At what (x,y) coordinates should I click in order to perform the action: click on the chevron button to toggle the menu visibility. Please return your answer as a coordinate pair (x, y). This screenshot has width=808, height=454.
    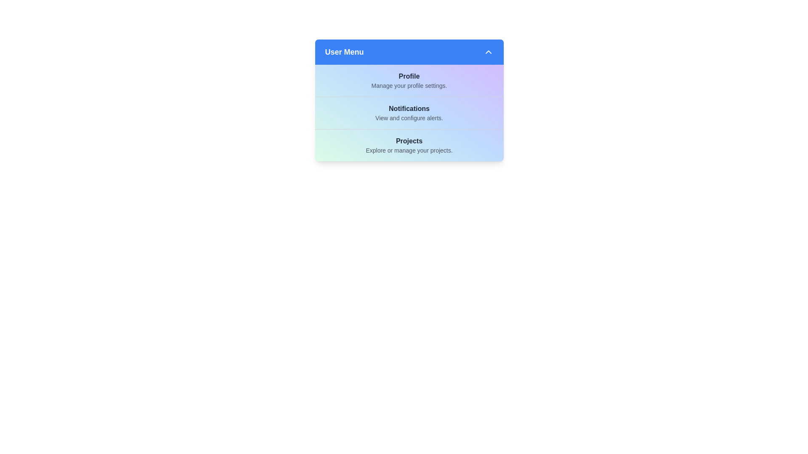
    Looking at the image, I should click on (488, 52).